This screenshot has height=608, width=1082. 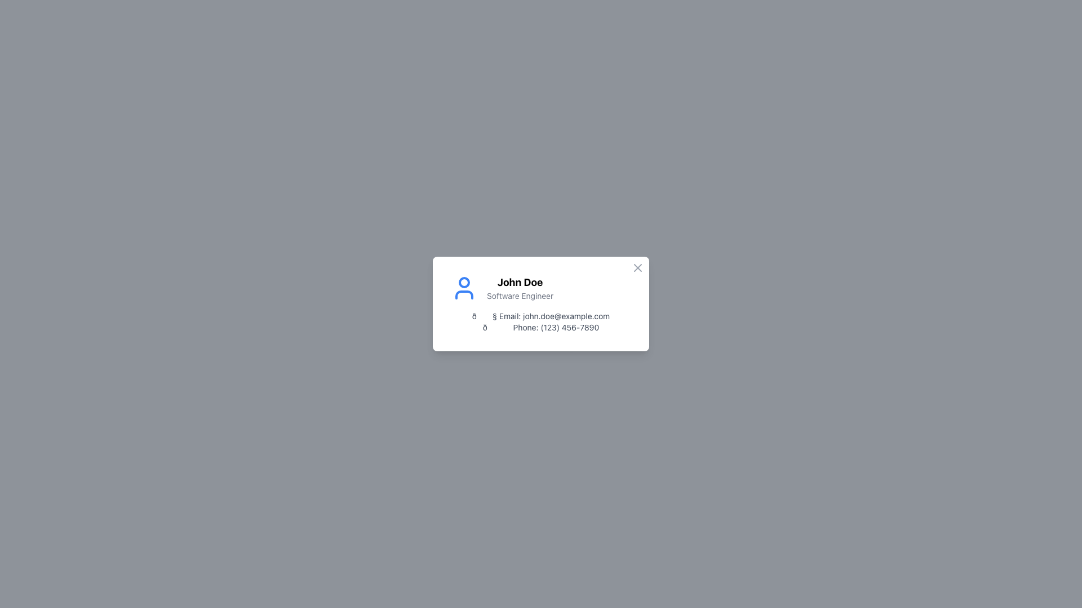 I want to click on the gray 'x' icon button located at the top-right corner of the card interface displaying personal information for 'John Doe' to trigger the color change effect, so click(x=638, y=267).